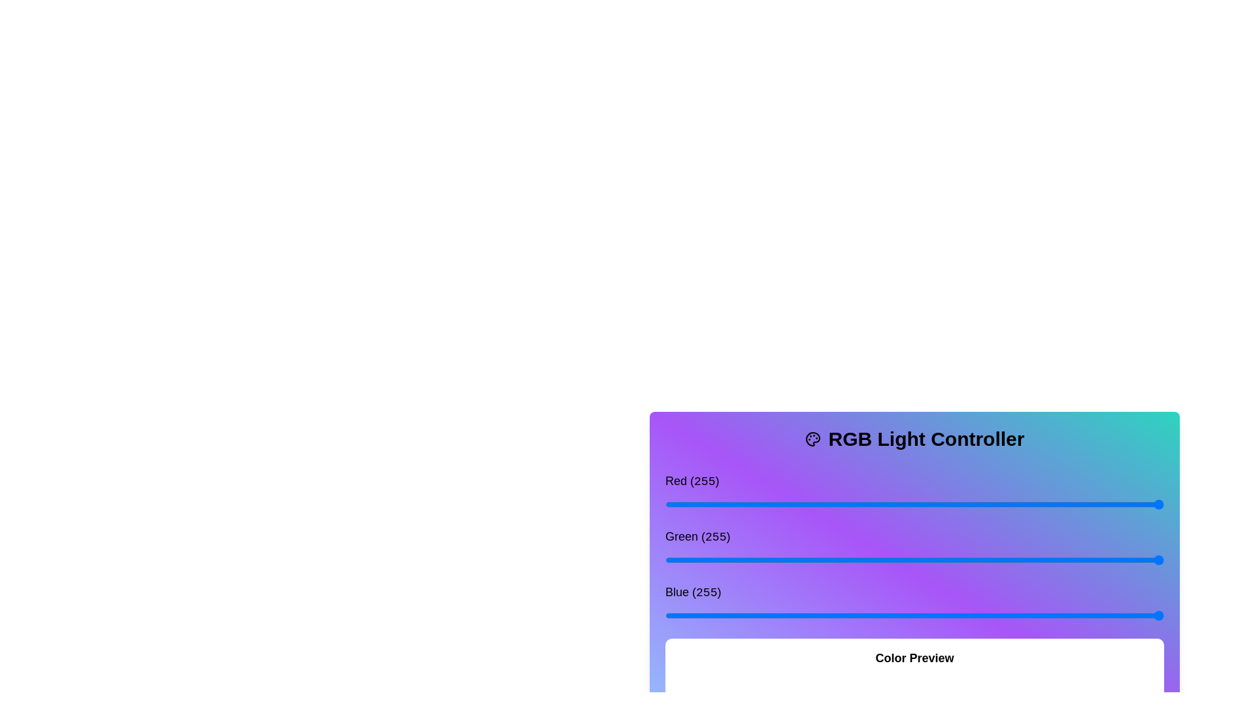  What do you see at coordinates (914, 678) in the screenshot?
I see `the color preview box to observe its current color` at bounding box center [914, 678].